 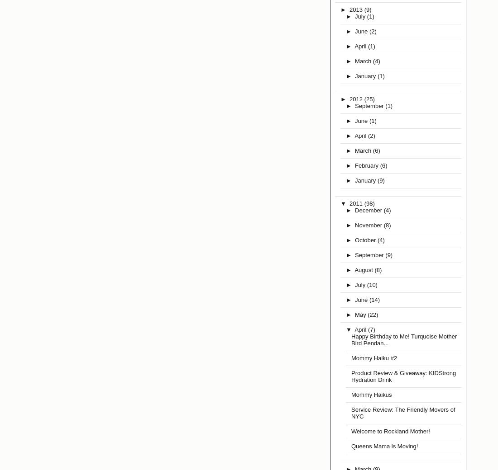 I want to click on 'Service Review: The Friendly Movers of NYC', so click(x=402, y=413).